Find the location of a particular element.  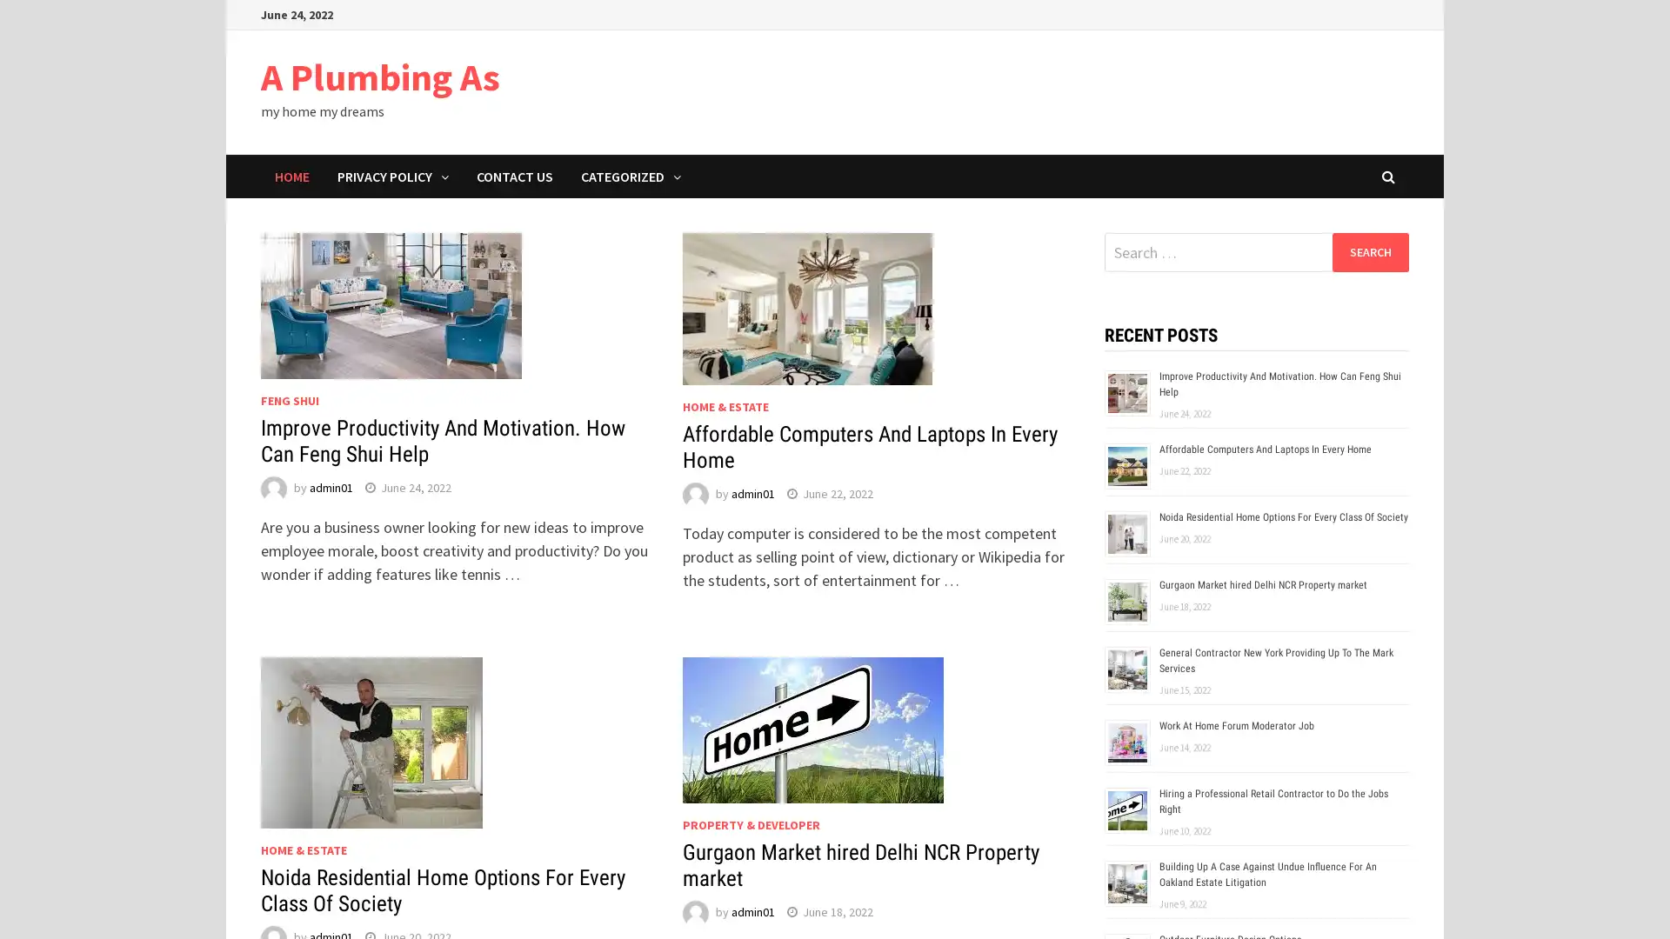

Search is located at coordinates (1369, 251).